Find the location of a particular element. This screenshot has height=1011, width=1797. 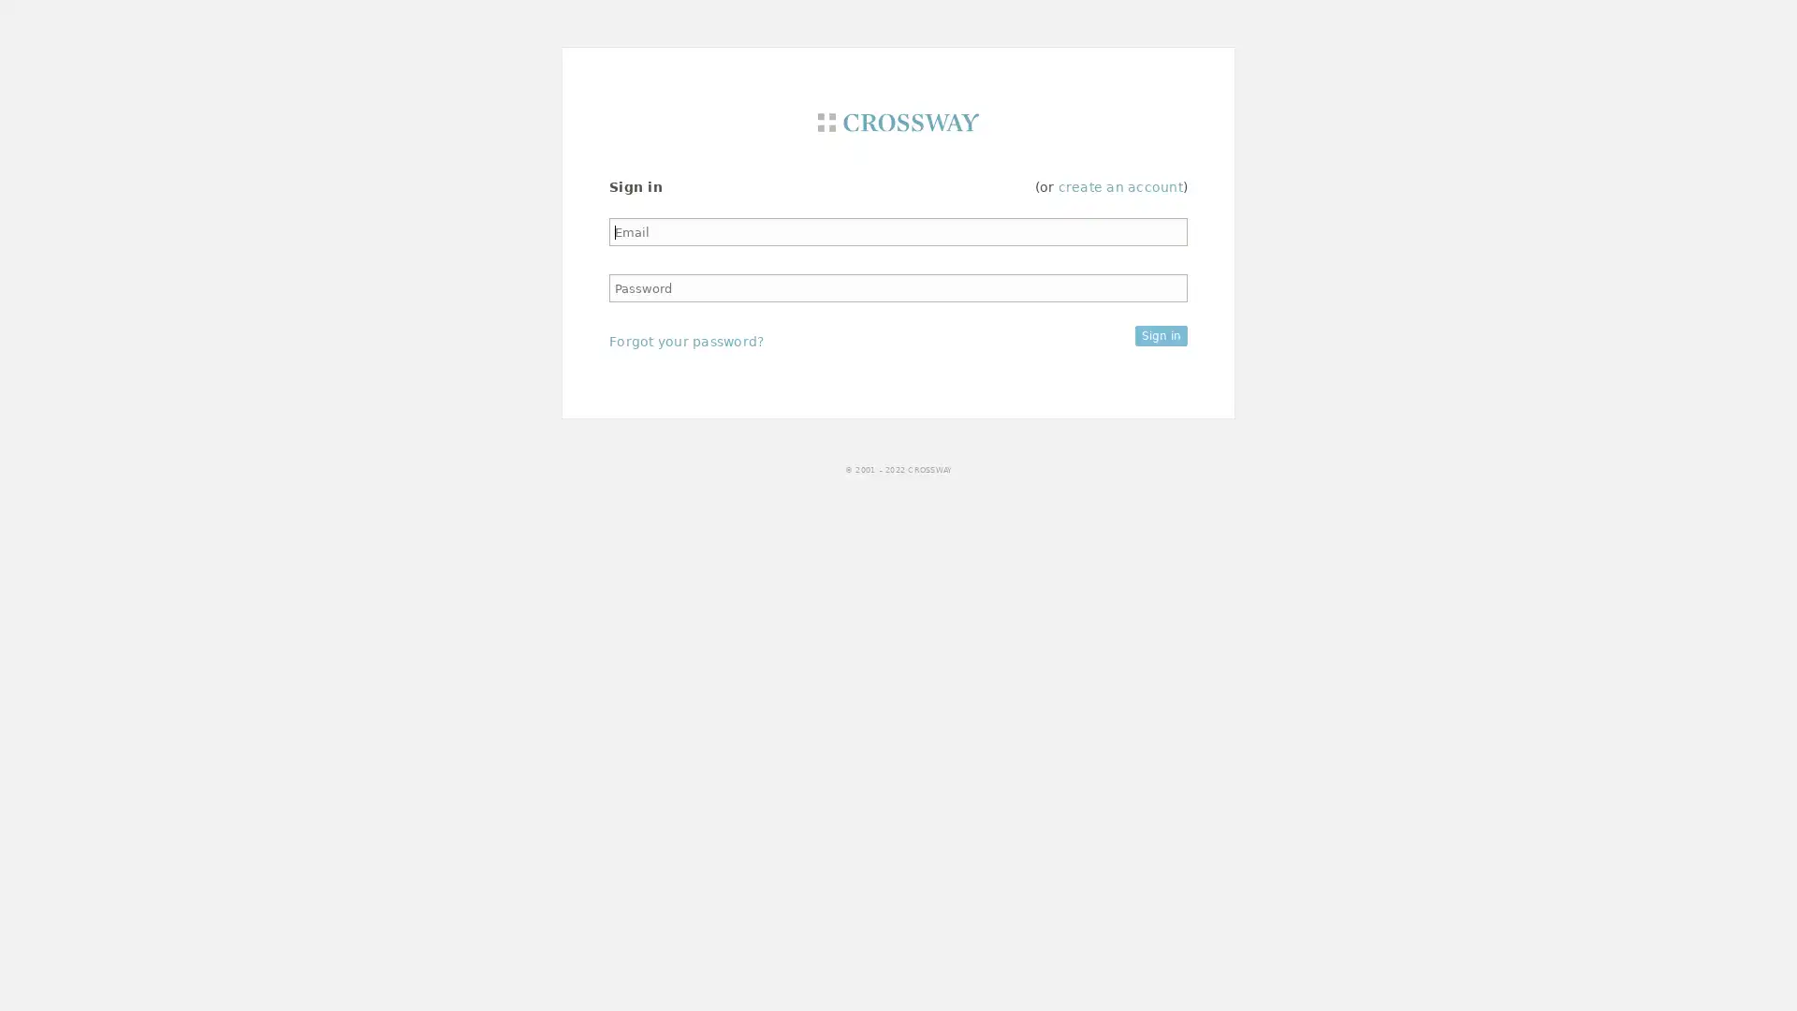

Sign in is located at coordinates (1161, 334).